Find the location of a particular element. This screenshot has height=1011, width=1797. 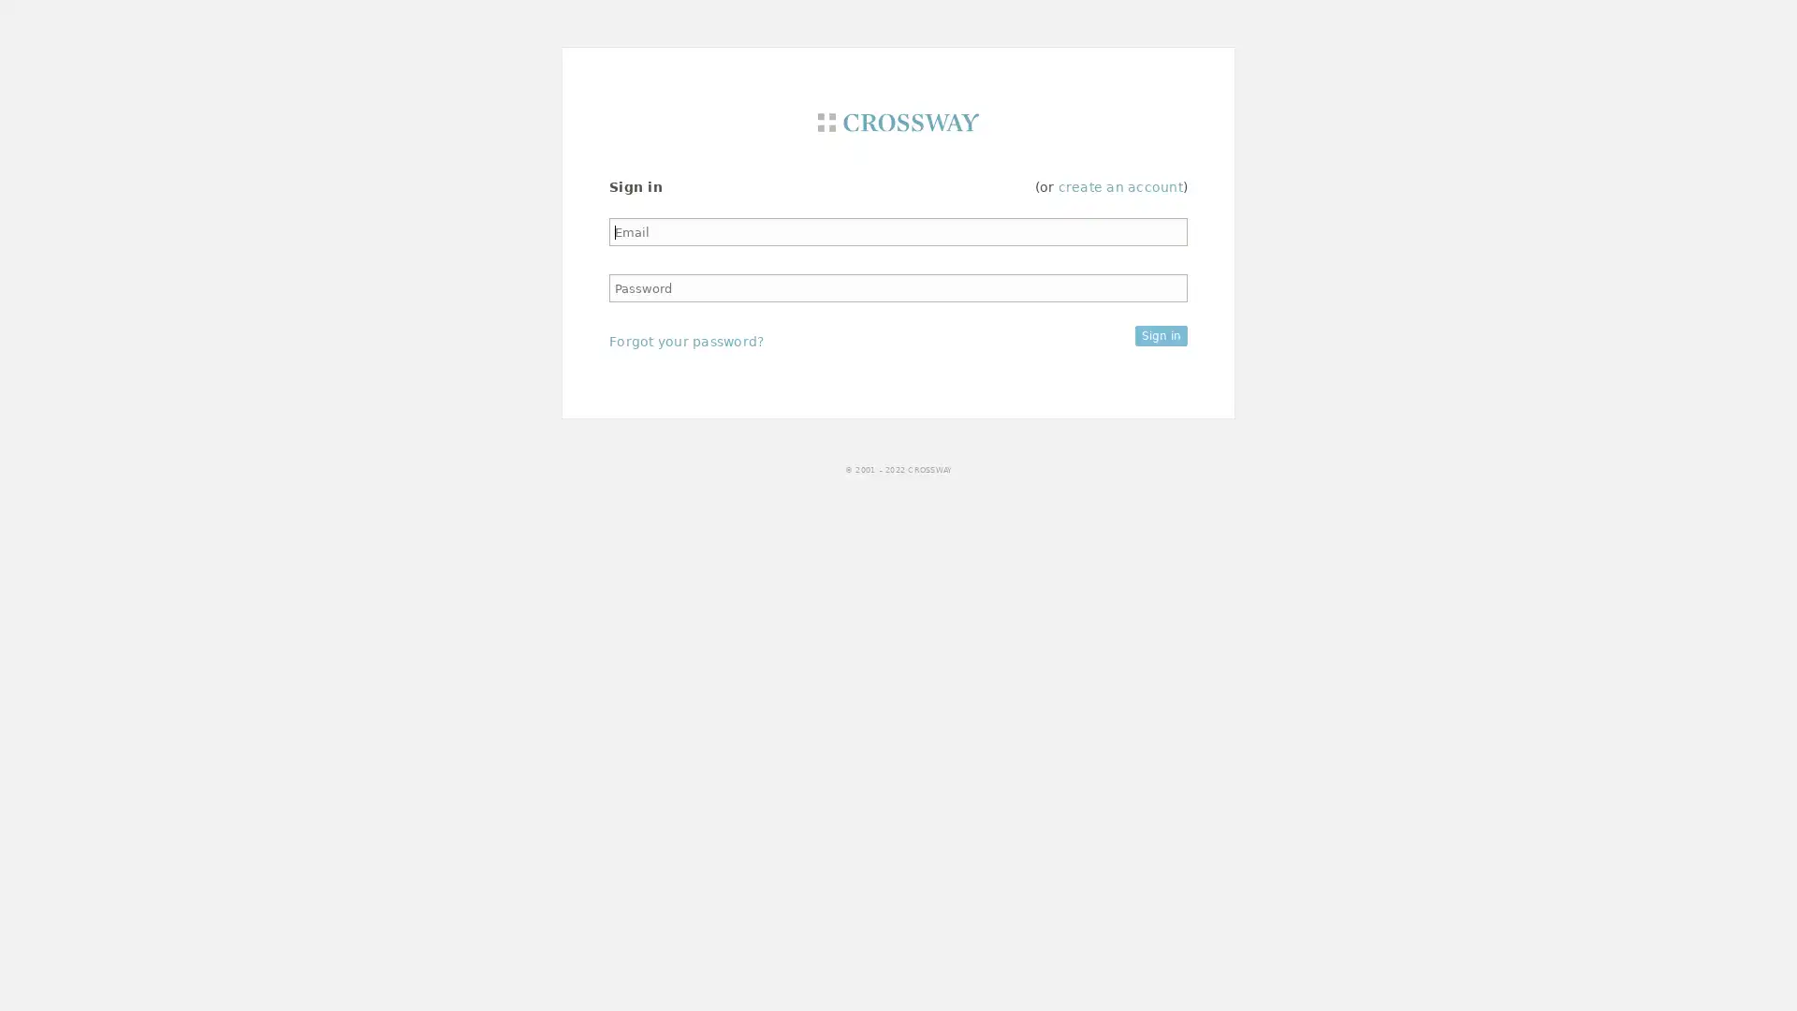

Sign in is located at coordinates (1161, 334).